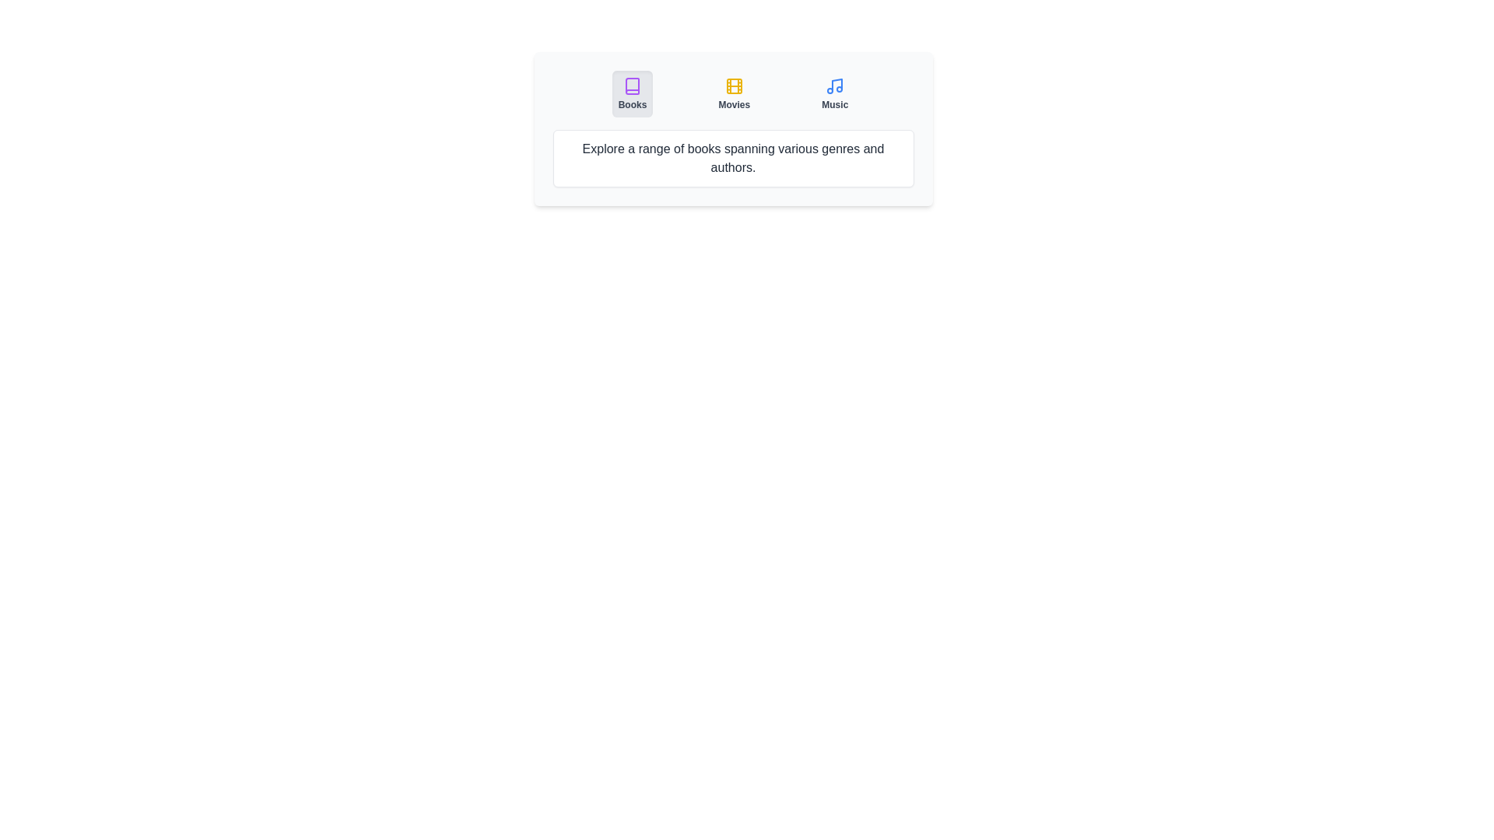  I want to click on the tab button labeled 'Books' to observe its visual effect, so click(631, 93).